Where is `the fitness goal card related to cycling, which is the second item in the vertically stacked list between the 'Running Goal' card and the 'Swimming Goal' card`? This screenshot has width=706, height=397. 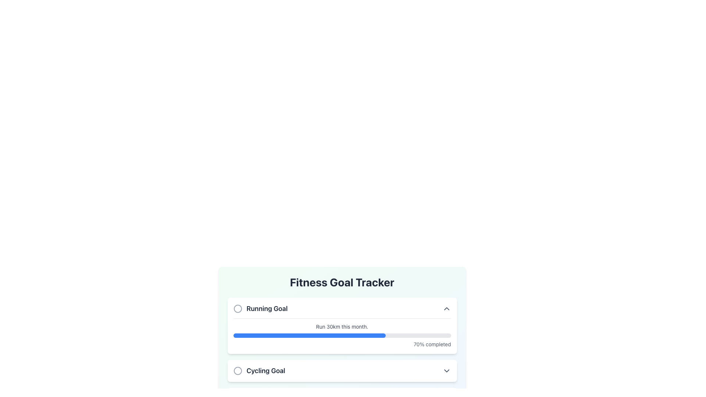
the fitness goal card related to cycling, which is the second item in the vertically stacked list between the 'Running Goal' card and the 'Swimming Goal' card is located at coordinates (342, 371).